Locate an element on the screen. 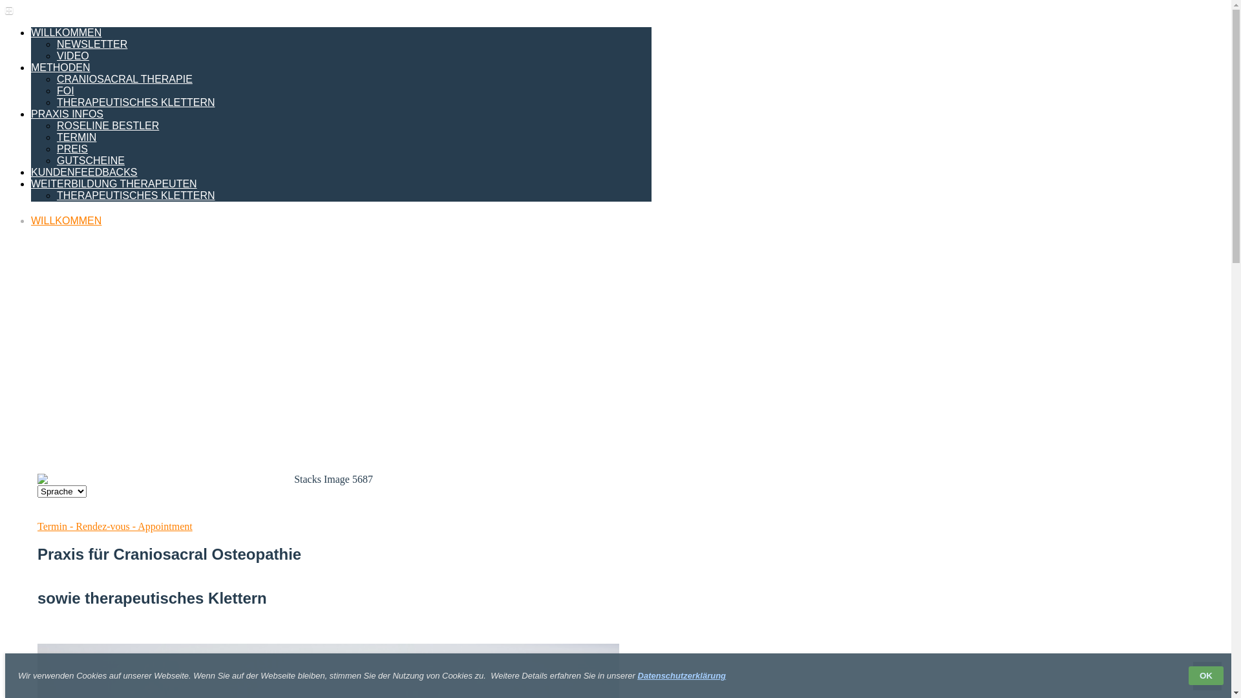 The height and width of the screenshot is (698, 1241). 'WEITERBILDUNG THERAPEUTEN' is located at coordinates (114, 184).